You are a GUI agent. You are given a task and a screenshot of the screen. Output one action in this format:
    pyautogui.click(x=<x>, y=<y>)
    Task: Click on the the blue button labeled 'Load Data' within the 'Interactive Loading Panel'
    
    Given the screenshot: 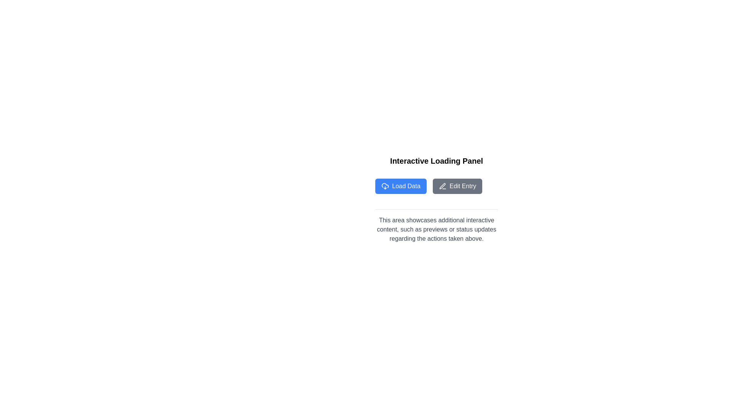 What is the action you would take?
    pyautogui.click(x=436, y=186)
    